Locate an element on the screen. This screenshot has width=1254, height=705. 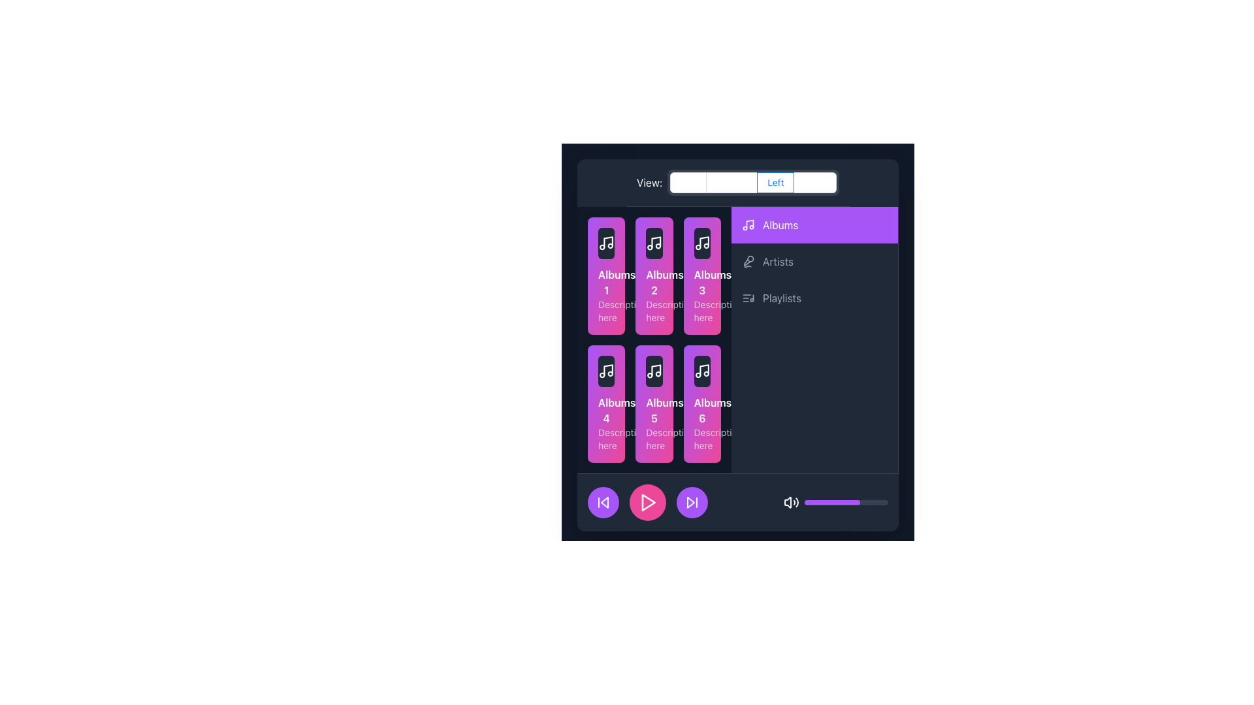
the 'Skip Forward' button located in the bottom-right section of the interface is located at coordinates (692, 502).